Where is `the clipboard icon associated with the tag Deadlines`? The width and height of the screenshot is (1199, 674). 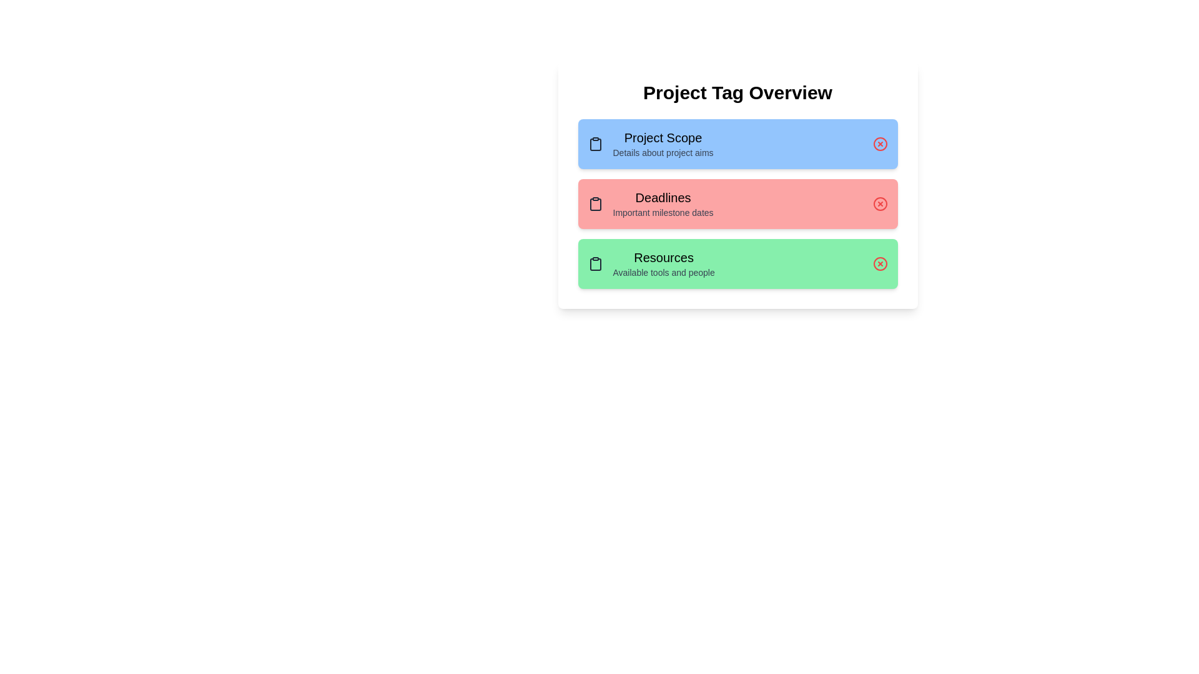 the clipboard icon associated with the tag Deadlines is located at coordinates (595, 203).